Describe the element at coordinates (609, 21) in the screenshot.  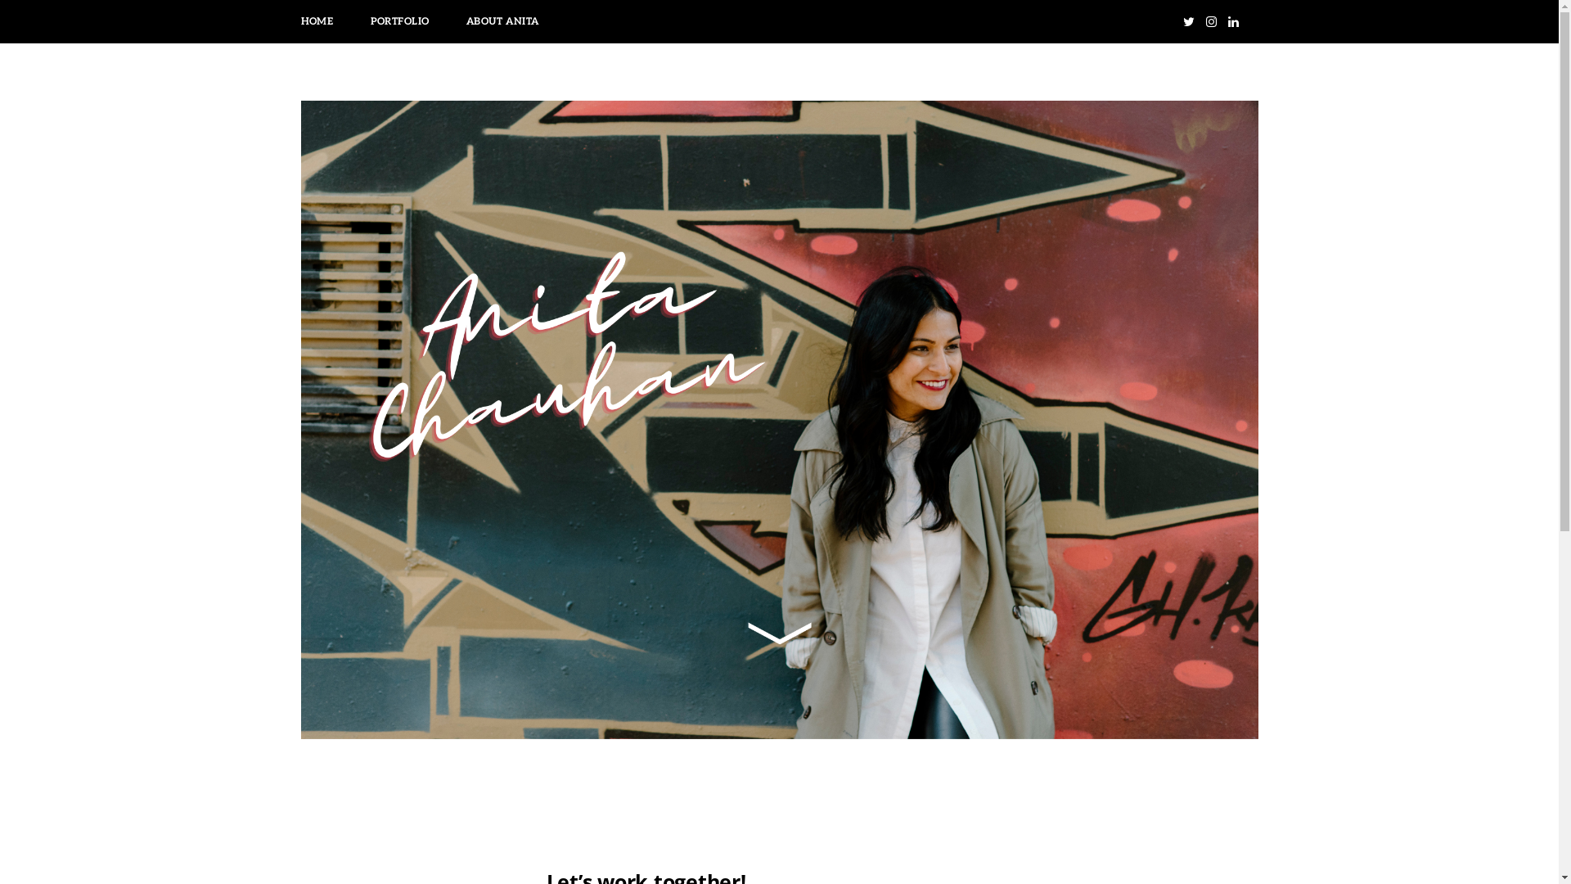
I see `'CONTACT ME'` at that location.